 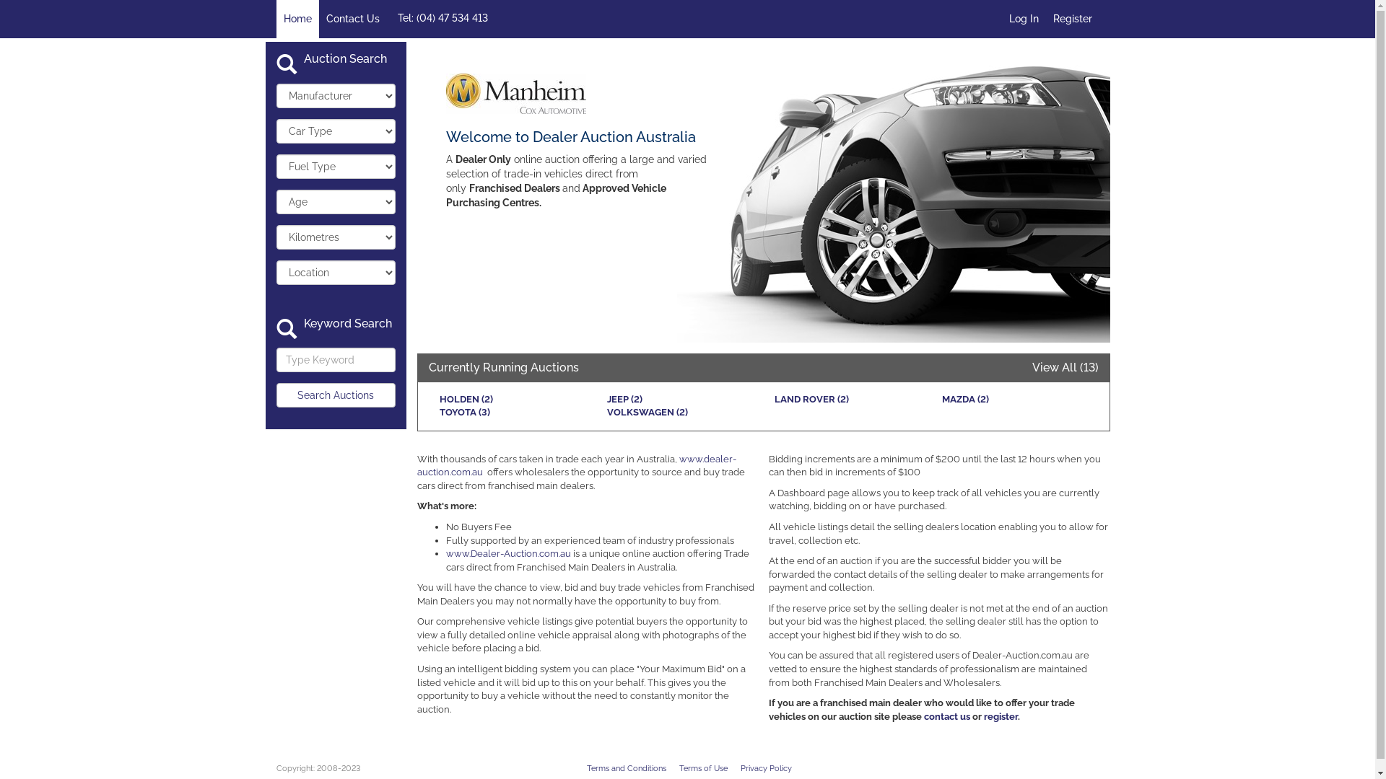 I want to click on 'MAZDA (2)', so click(x=964, y=399).